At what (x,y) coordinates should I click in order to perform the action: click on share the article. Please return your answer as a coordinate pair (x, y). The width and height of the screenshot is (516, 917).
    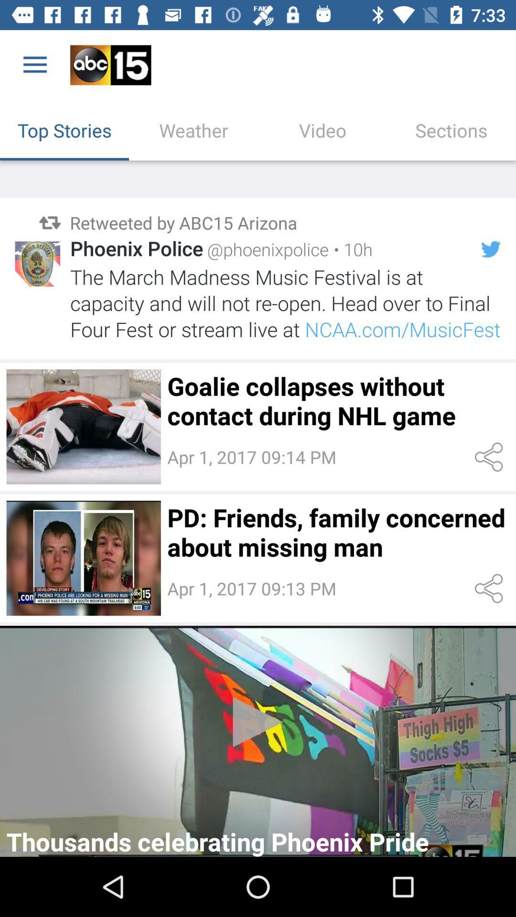
    Looking at the image, I should click on (491, 588).